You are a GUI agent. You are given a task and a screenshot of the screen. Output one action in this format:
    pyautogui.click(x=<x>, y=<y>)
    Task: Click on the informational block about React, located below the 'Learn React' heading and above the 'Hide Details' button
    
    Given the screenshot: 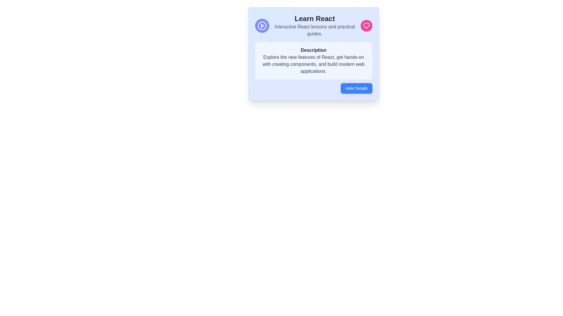 What is the action you would take?
    pyautogui.click(x=313, y=61)
    